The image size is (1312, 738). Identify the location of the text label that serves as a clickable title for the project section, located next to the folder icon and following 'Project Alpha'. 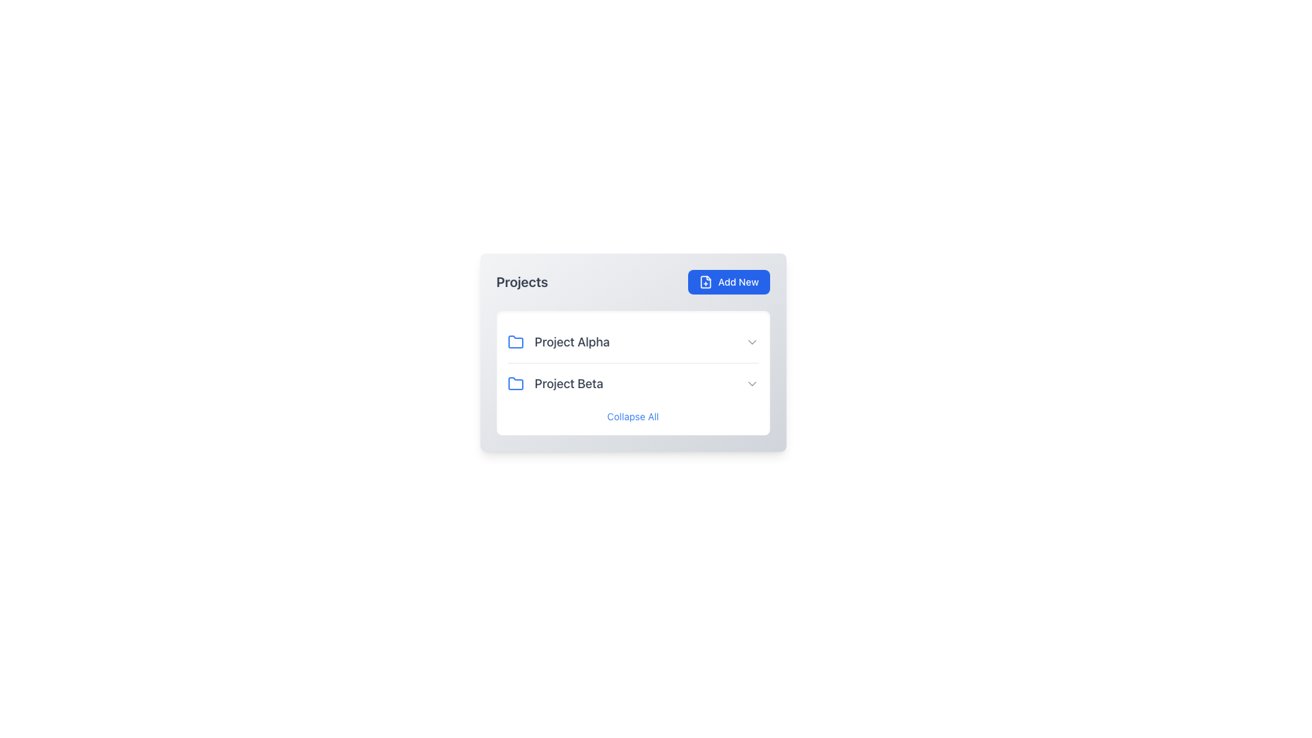
(555, 384).